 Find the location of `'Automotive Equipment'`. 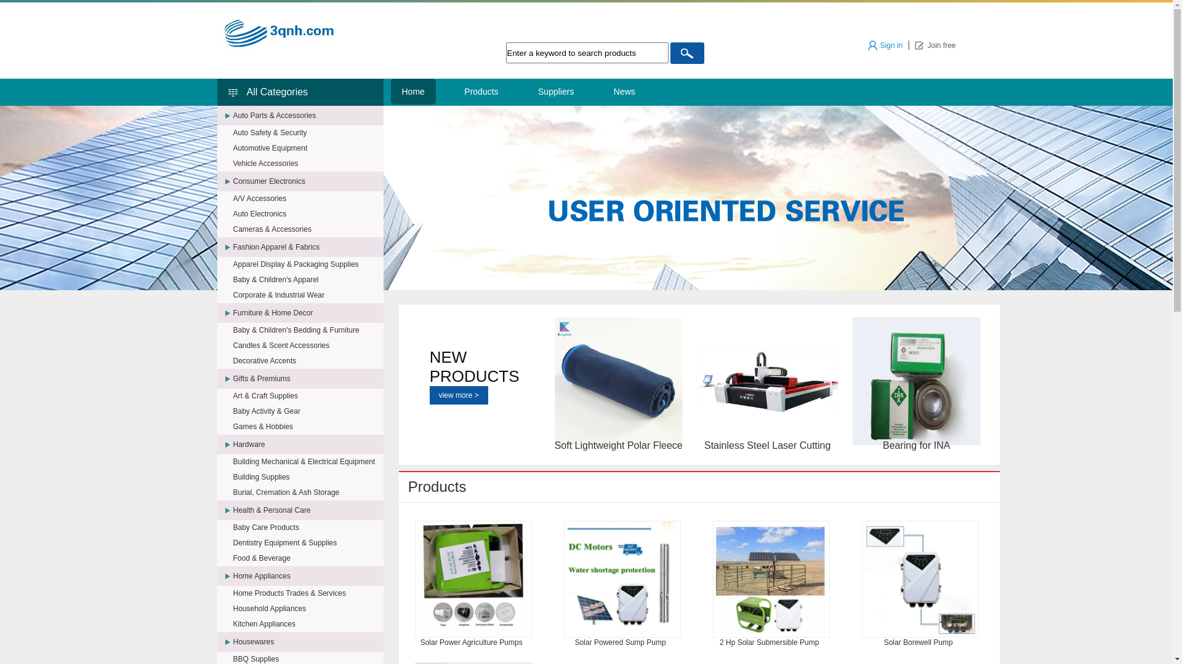

'Automotive Equipment' is located at coordinates (307, 147).